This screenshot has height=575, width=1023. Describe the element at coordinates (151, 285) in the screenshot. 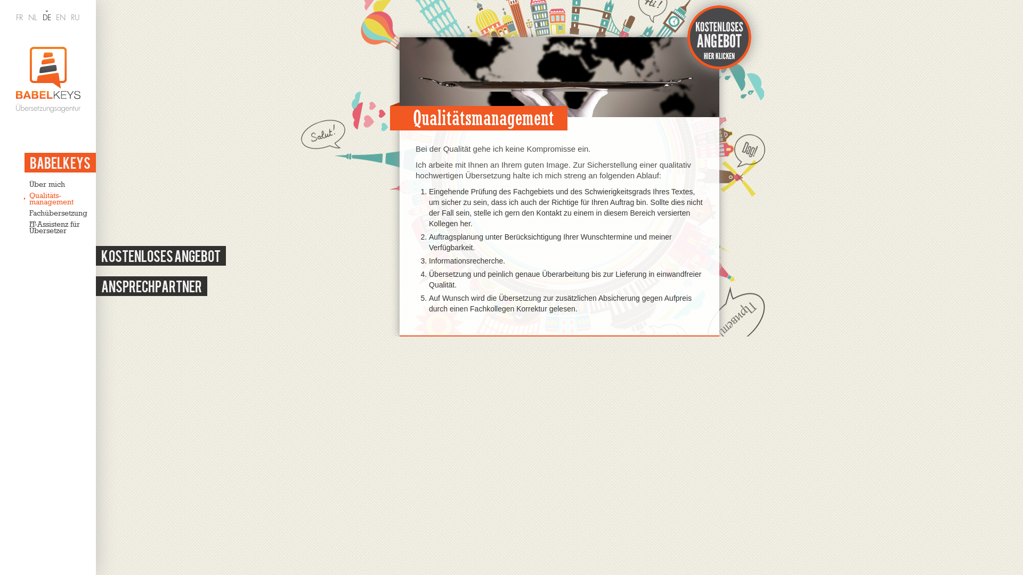

I see `'Ansprechpartner'` at that location.